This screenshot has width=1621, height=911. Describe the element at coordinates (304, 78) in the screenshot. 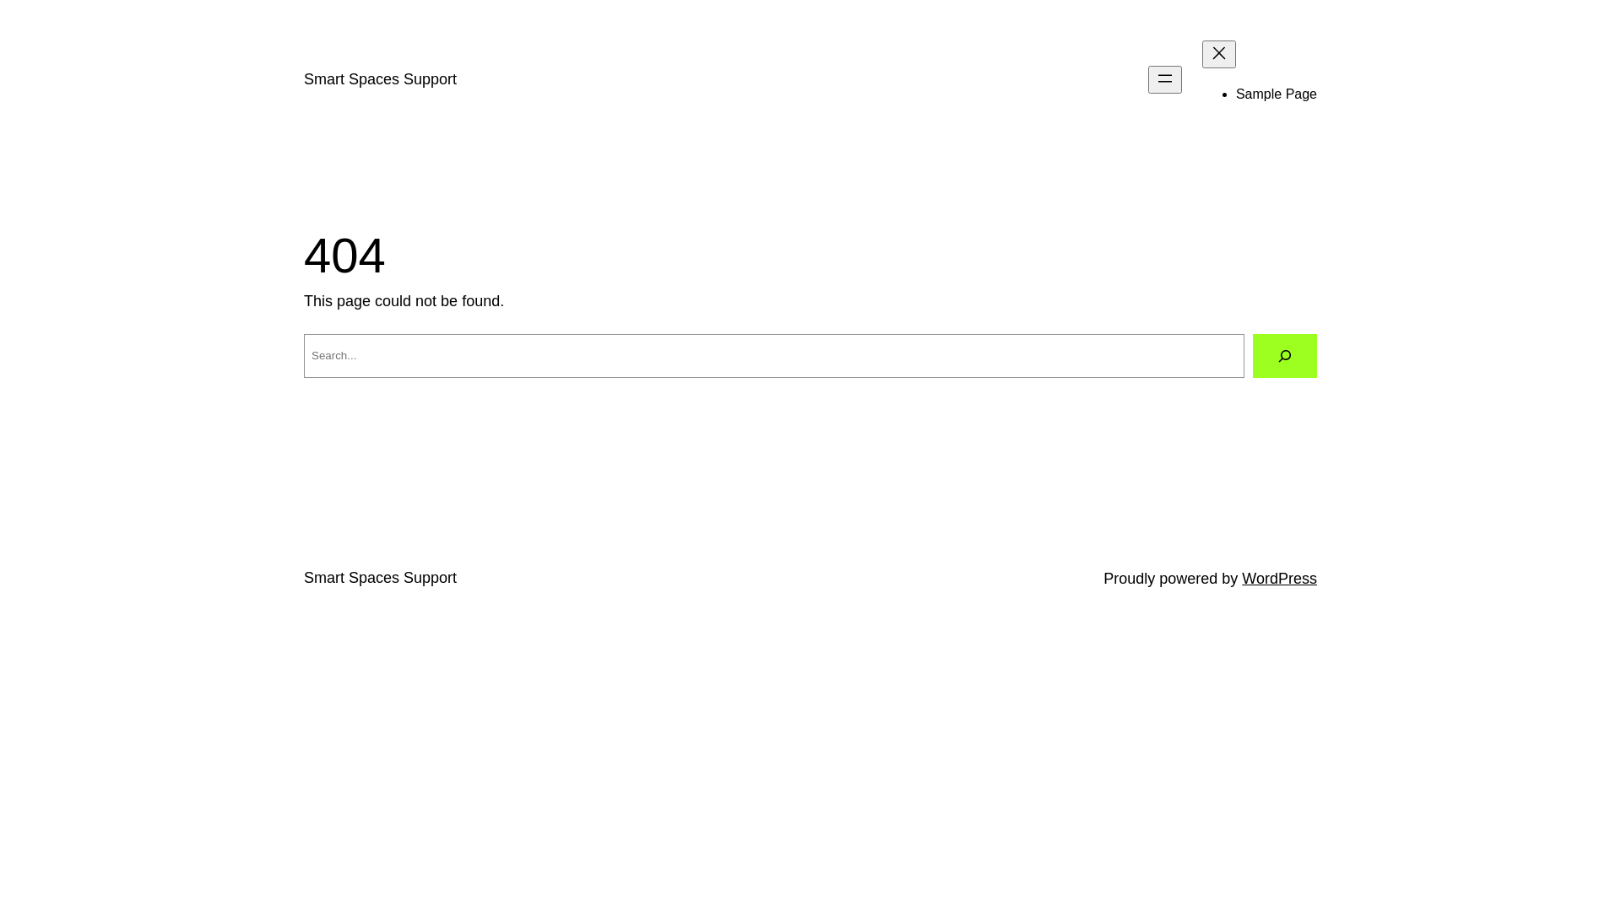

I see `'Smart Spaces Support'` at that location.